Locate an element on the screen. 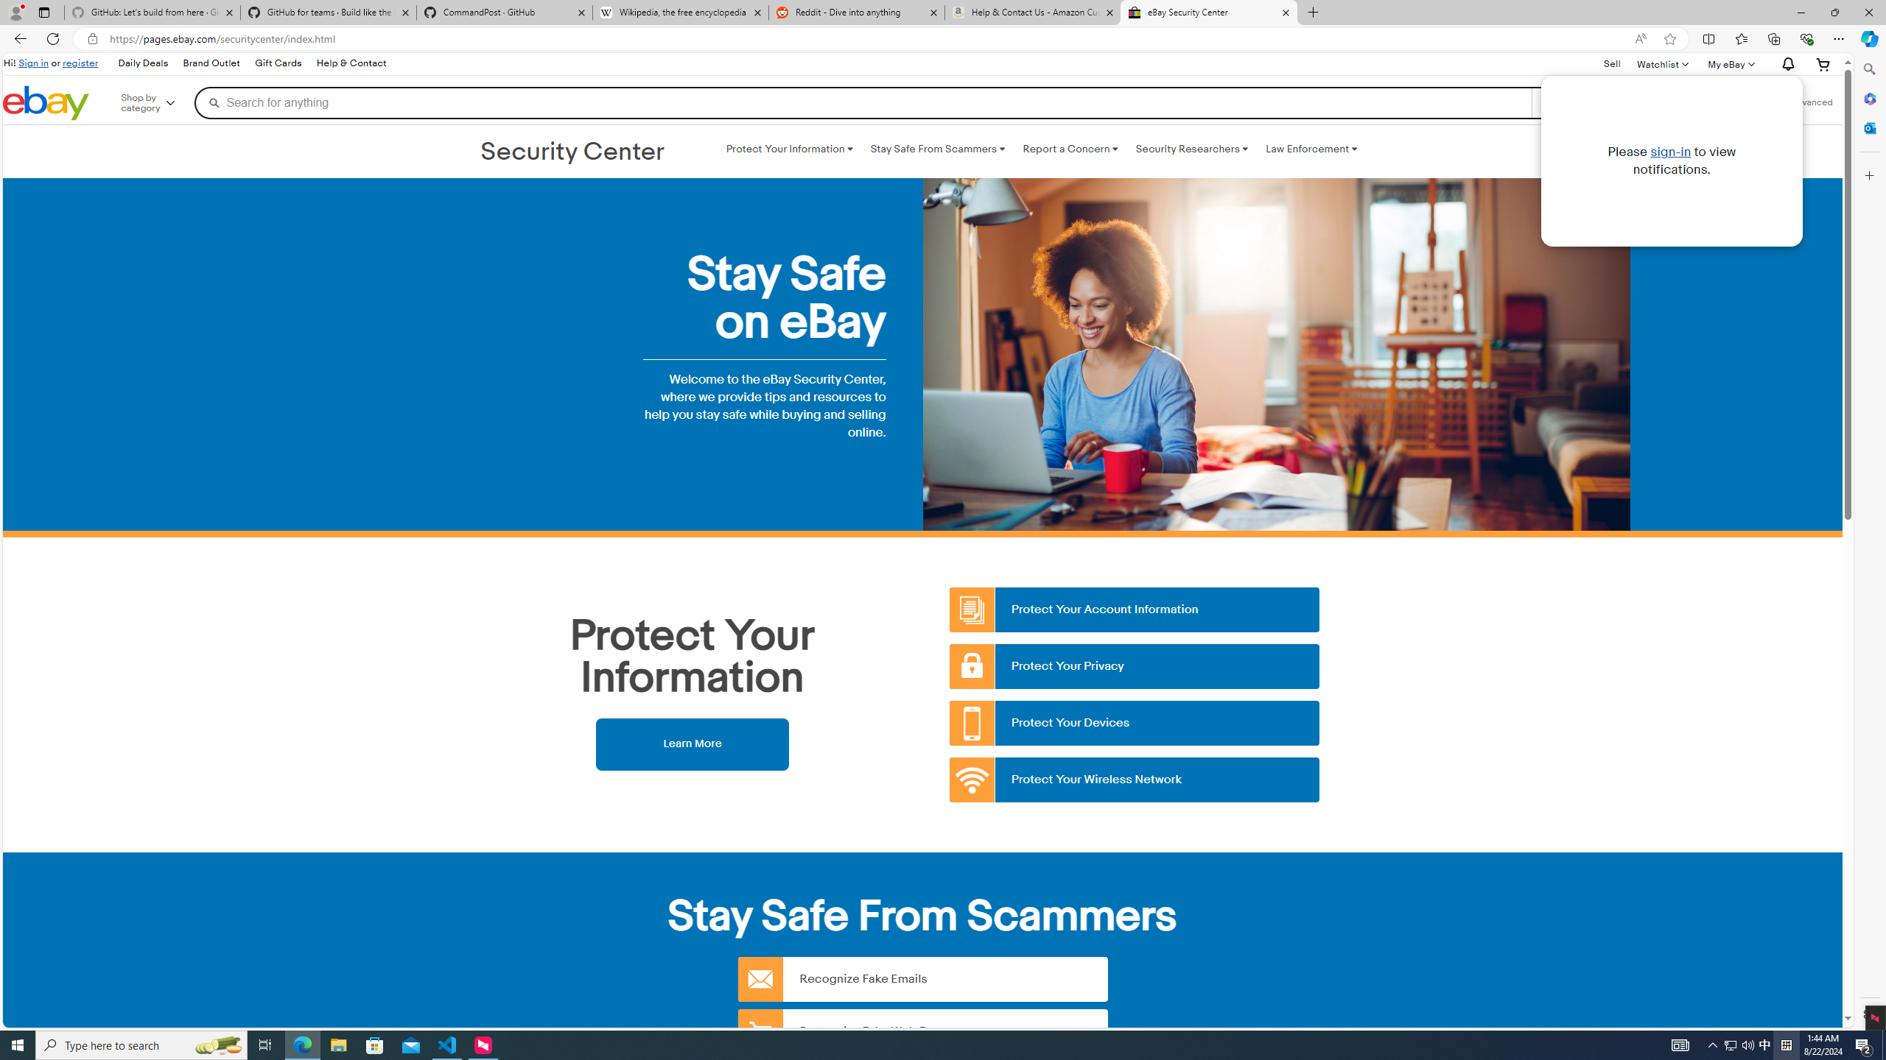 The image size is (1886, 1060). 'Help & Contact Us - Amazon Customer Service - Sleeping' is located at coordinates (1033, 12).